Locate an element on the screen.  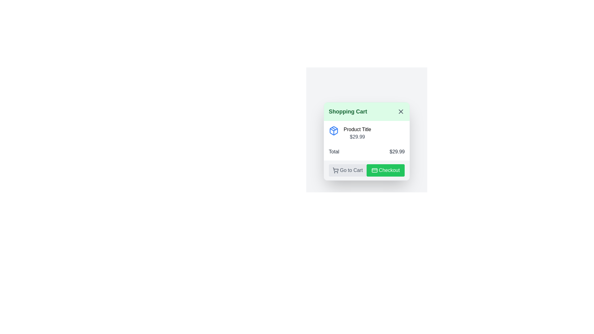
the shopping cart icon located to the left of the 'Go to Cart' button, which has a light gray background and rounded rectangular shape is located at coordinates (335, 170).